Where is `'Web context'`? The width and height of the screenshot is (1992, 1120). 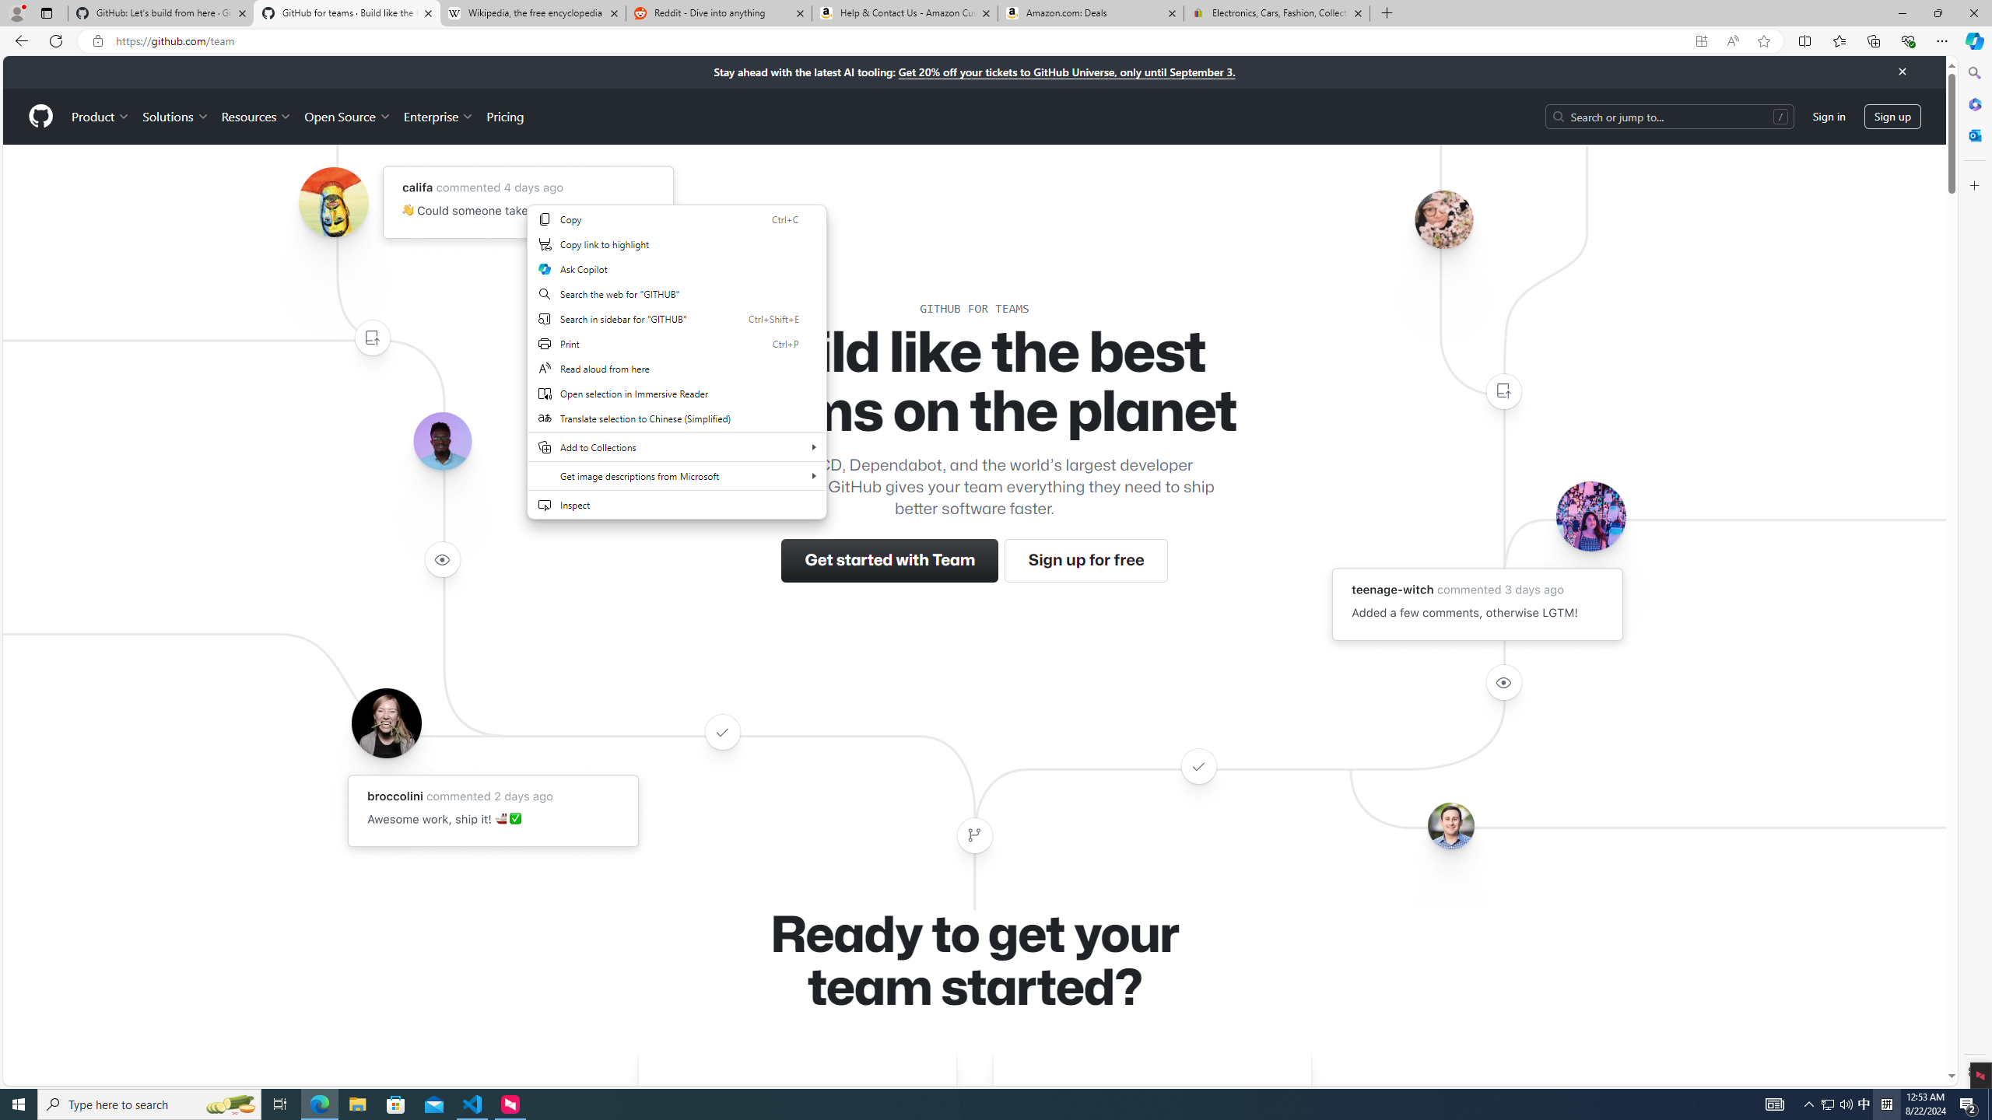
'Web context' is located at coordinates (676, 372).